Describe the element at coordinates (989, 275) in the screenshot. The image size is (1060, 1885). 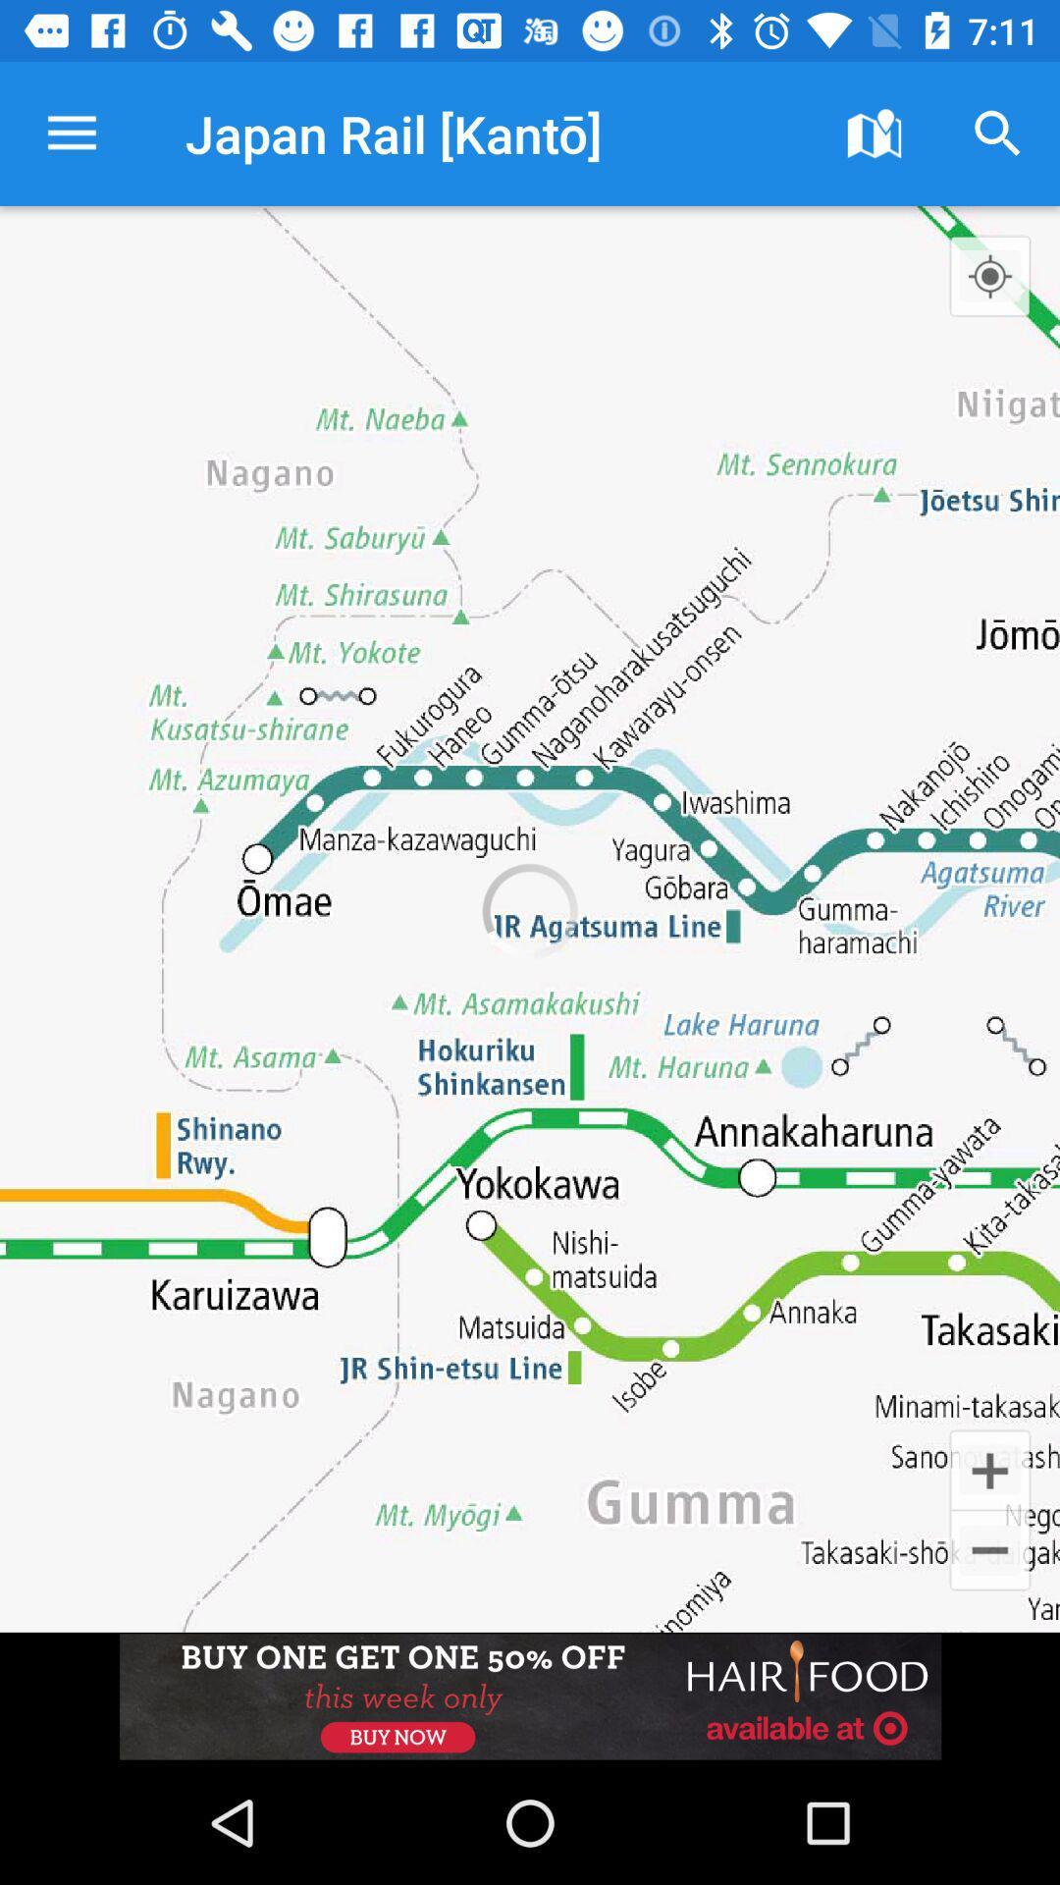
I see `locate me` at that location.